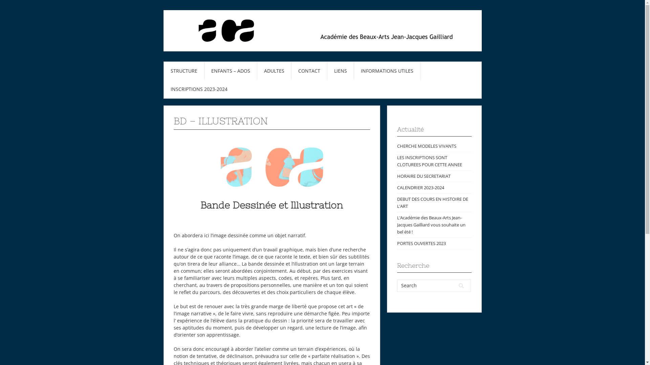 This screenshot has height=365, width=650. I want to click on 'CONTACT', so click(308, 71).